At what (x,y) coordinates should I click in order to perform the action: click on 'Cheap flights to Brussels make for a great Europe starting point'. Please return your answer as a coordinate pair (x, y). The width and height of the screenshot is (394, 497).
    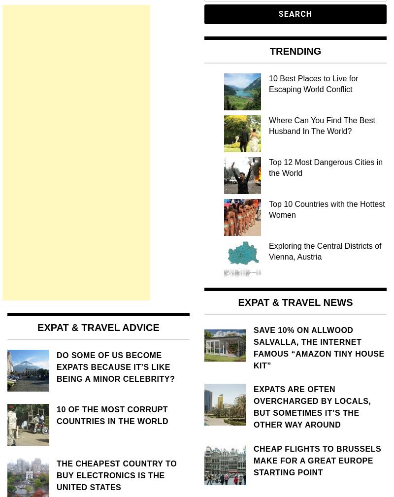
    Looking at the image, I should click on (253, 460).